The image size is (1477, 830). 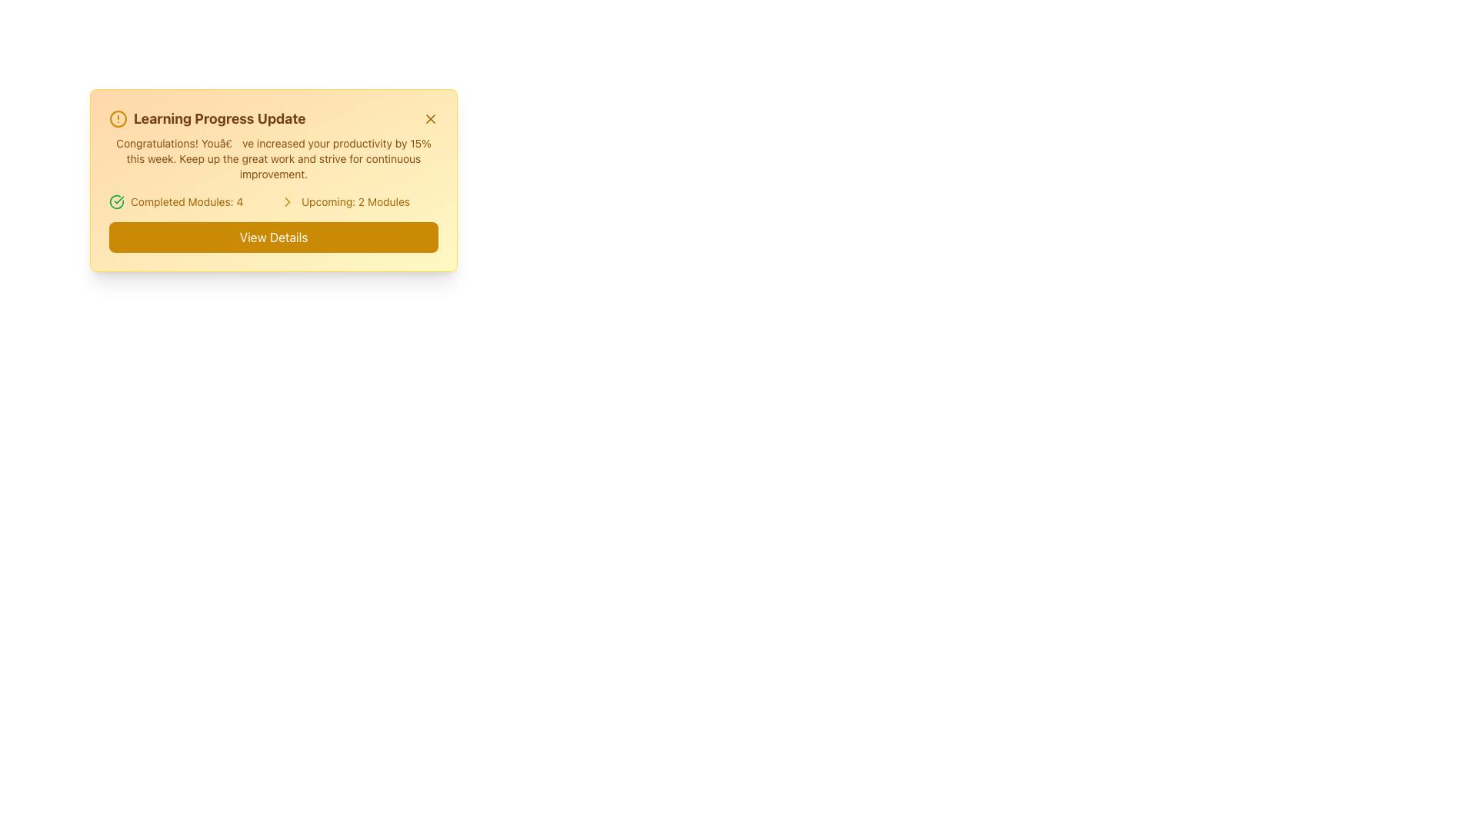 I want to click on the icon indicating the next item in the 'Upcoming: 2 Modules' section, located to the left of the text, so click(x=288, y=201).